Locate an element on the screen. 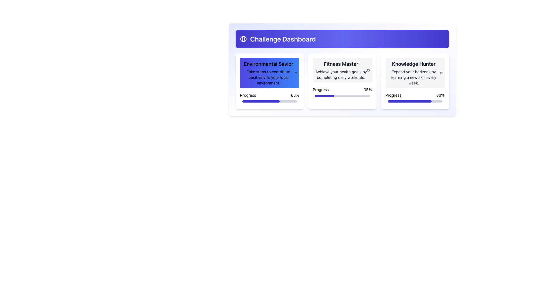 This screenshot has height=301, width=536. text label 'Progress' located in the bottom left corner of the 'Fitness Master' card, which is above the progress bar and to the left of the percentage indicator is located at coordinates (320, 89).